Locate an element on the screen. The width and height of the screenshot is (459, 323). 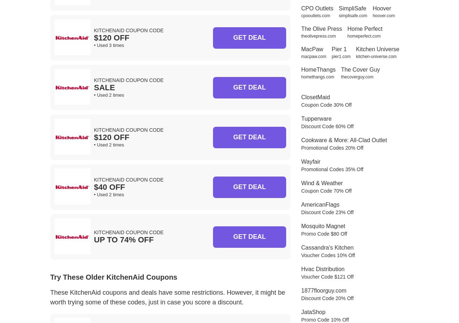
'Coupon Code 30% Off' is located at coordinates (326, 104).